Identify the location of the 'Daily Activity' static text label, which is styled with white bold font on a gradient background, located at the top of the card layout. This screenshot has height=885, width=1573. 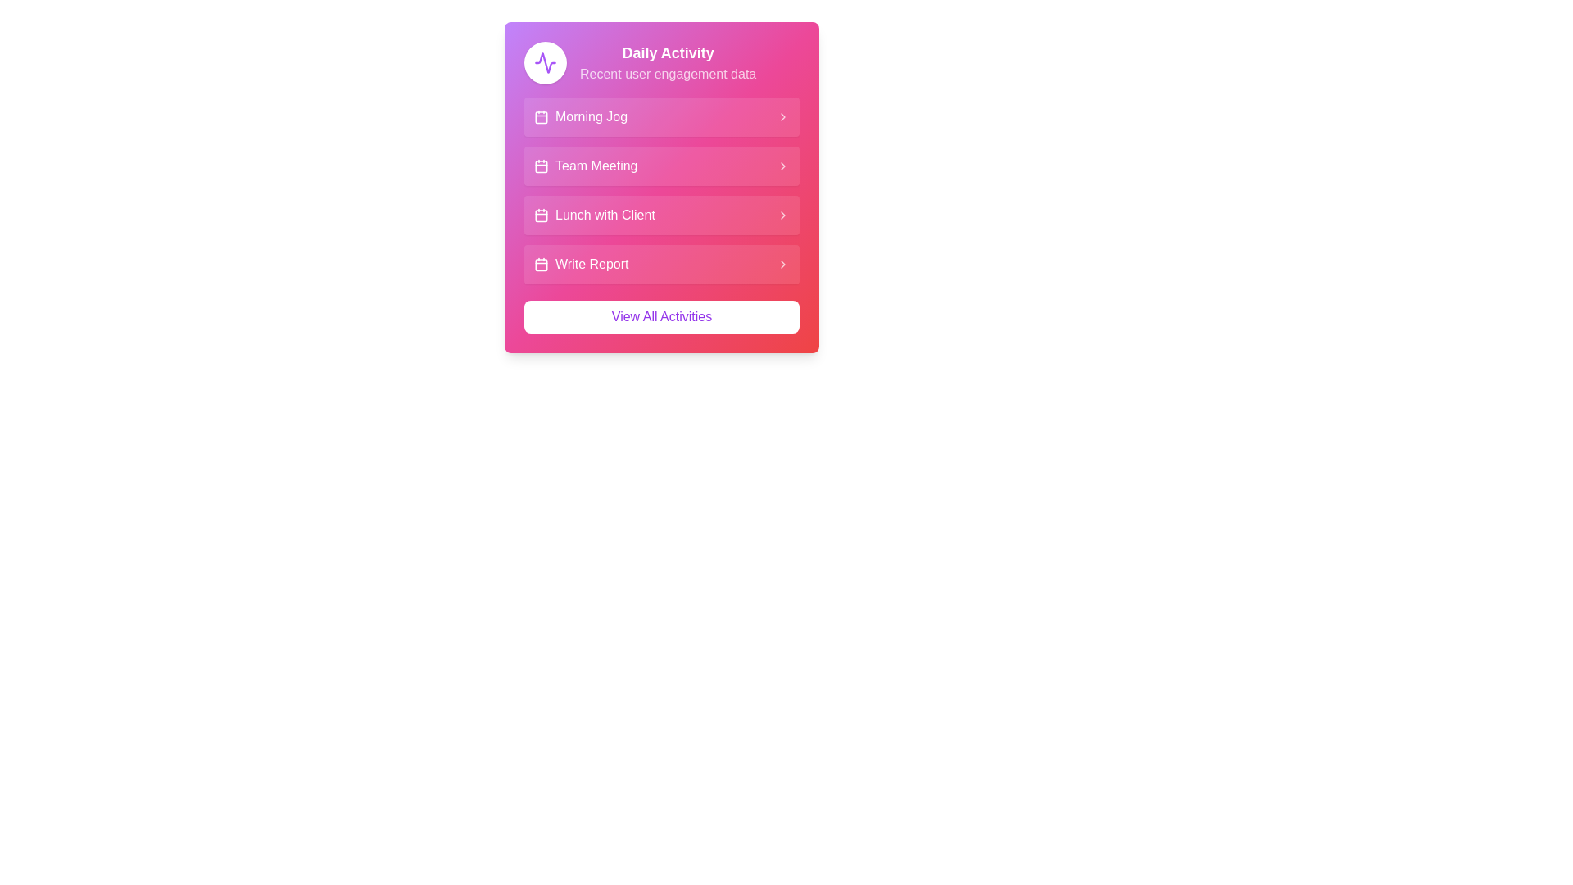
(668, 52).